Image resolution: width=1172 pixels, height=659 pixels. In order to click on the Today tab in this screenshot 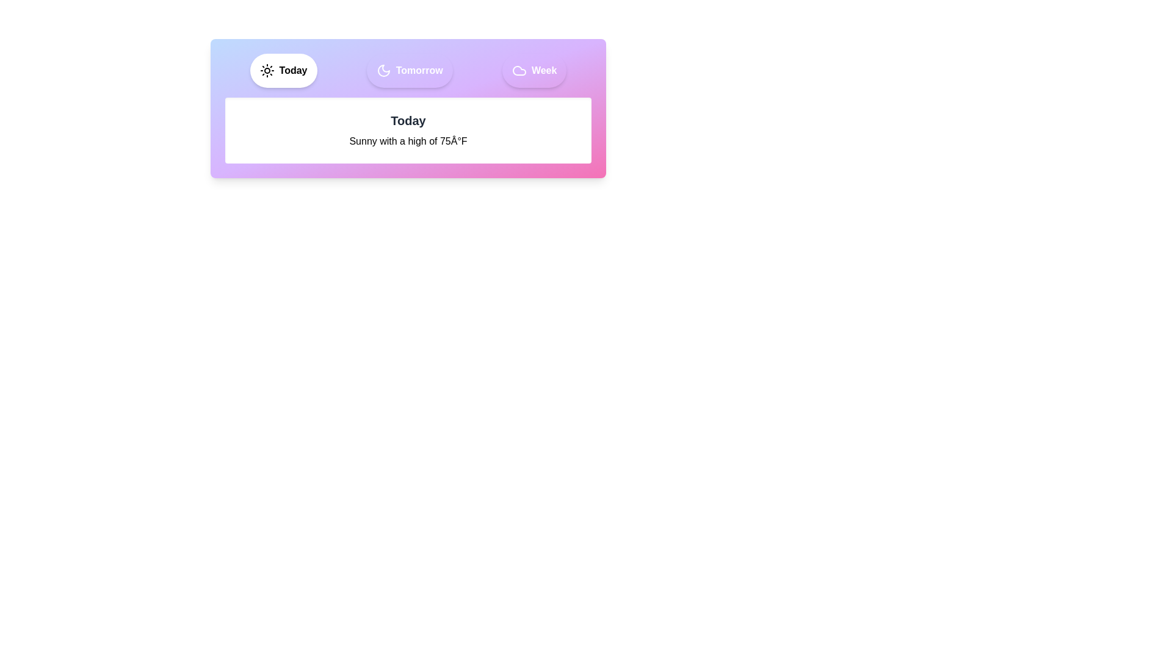, I will do `click(283, 70)`.